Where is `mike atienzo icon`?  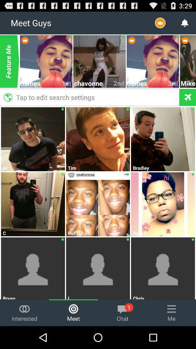 mike atienzo icon is located at coordinates (188, 83).